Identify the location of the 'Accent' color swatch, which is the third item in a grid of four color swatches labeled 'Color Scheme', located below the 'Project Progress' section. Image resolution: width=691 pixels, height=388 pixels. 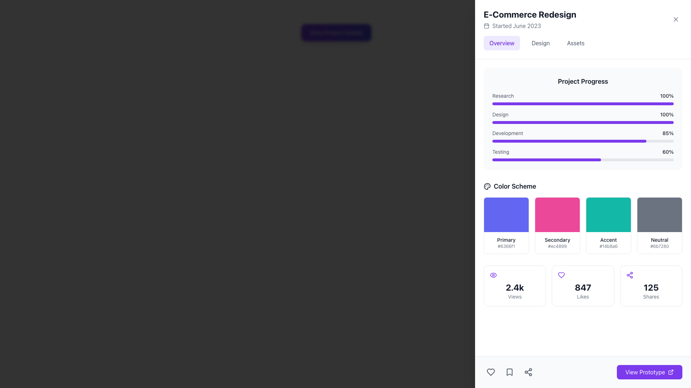
(583, 217).